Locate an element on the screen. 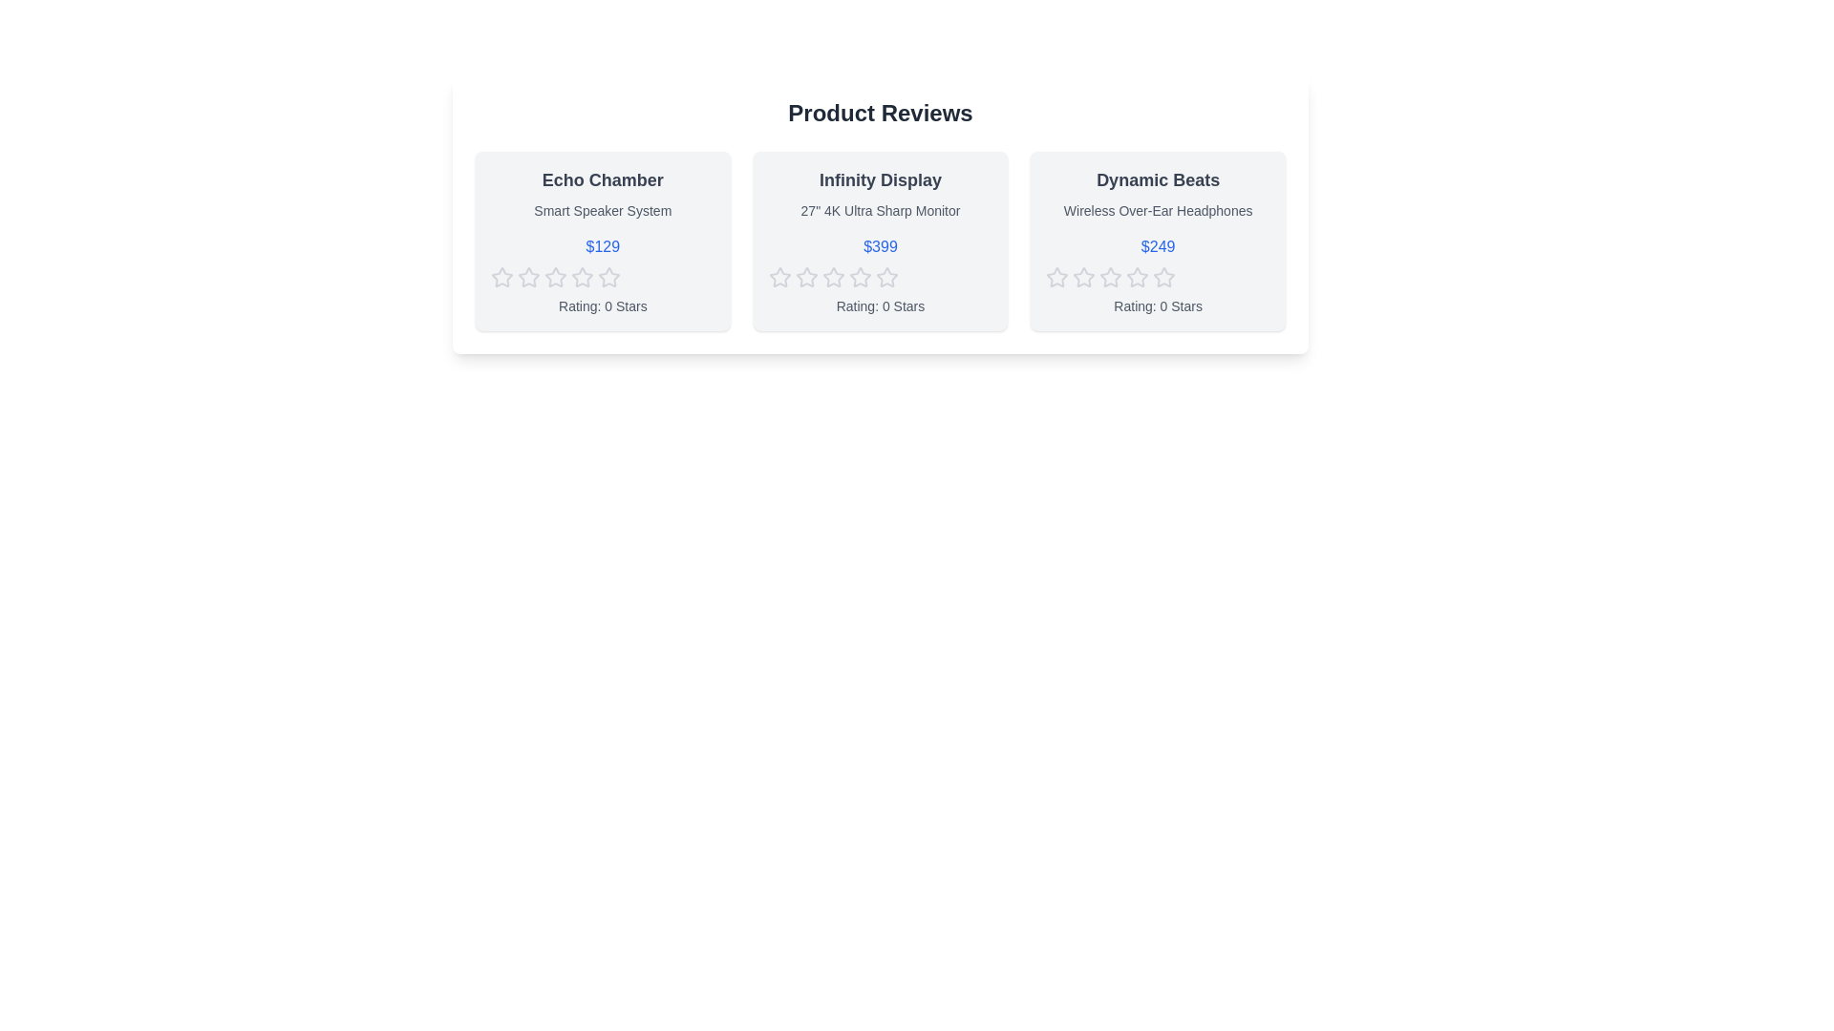  the fourth star icon in the star rating system of the 'Dynamic Beats' product card to rate the product is located at coordinates (1111, 277).